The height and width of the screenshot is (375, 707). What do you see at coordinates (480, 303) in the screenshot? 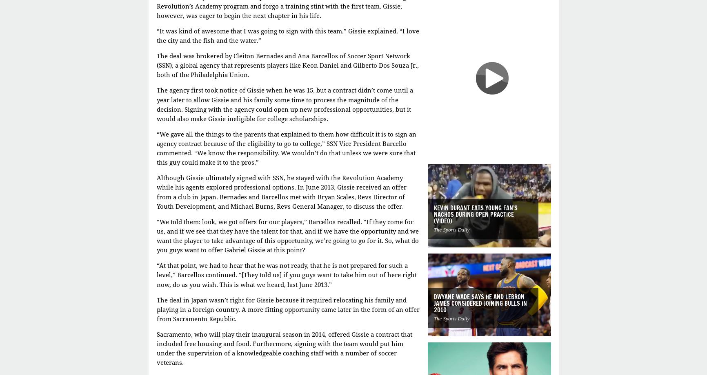
I see `'Dwyane Wade says he and LeBron James considered joining Bulls in 2010'` at bounding box center [480, 303].